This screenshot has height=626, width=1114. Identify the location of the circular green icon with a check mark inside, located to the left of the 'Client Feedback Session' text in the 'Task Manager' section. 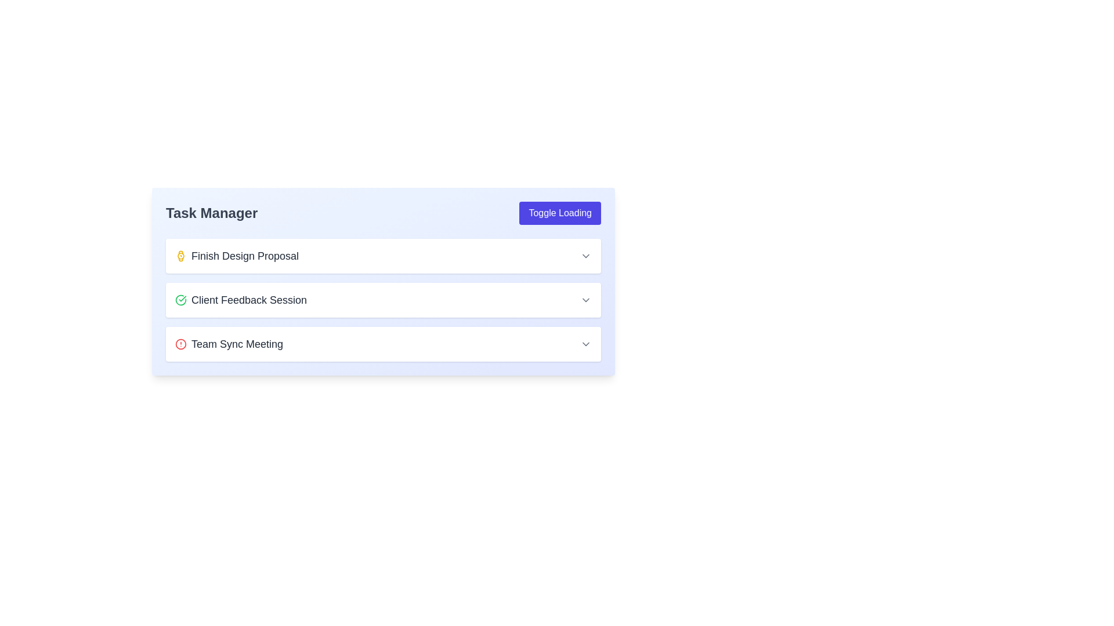
(180, 299).